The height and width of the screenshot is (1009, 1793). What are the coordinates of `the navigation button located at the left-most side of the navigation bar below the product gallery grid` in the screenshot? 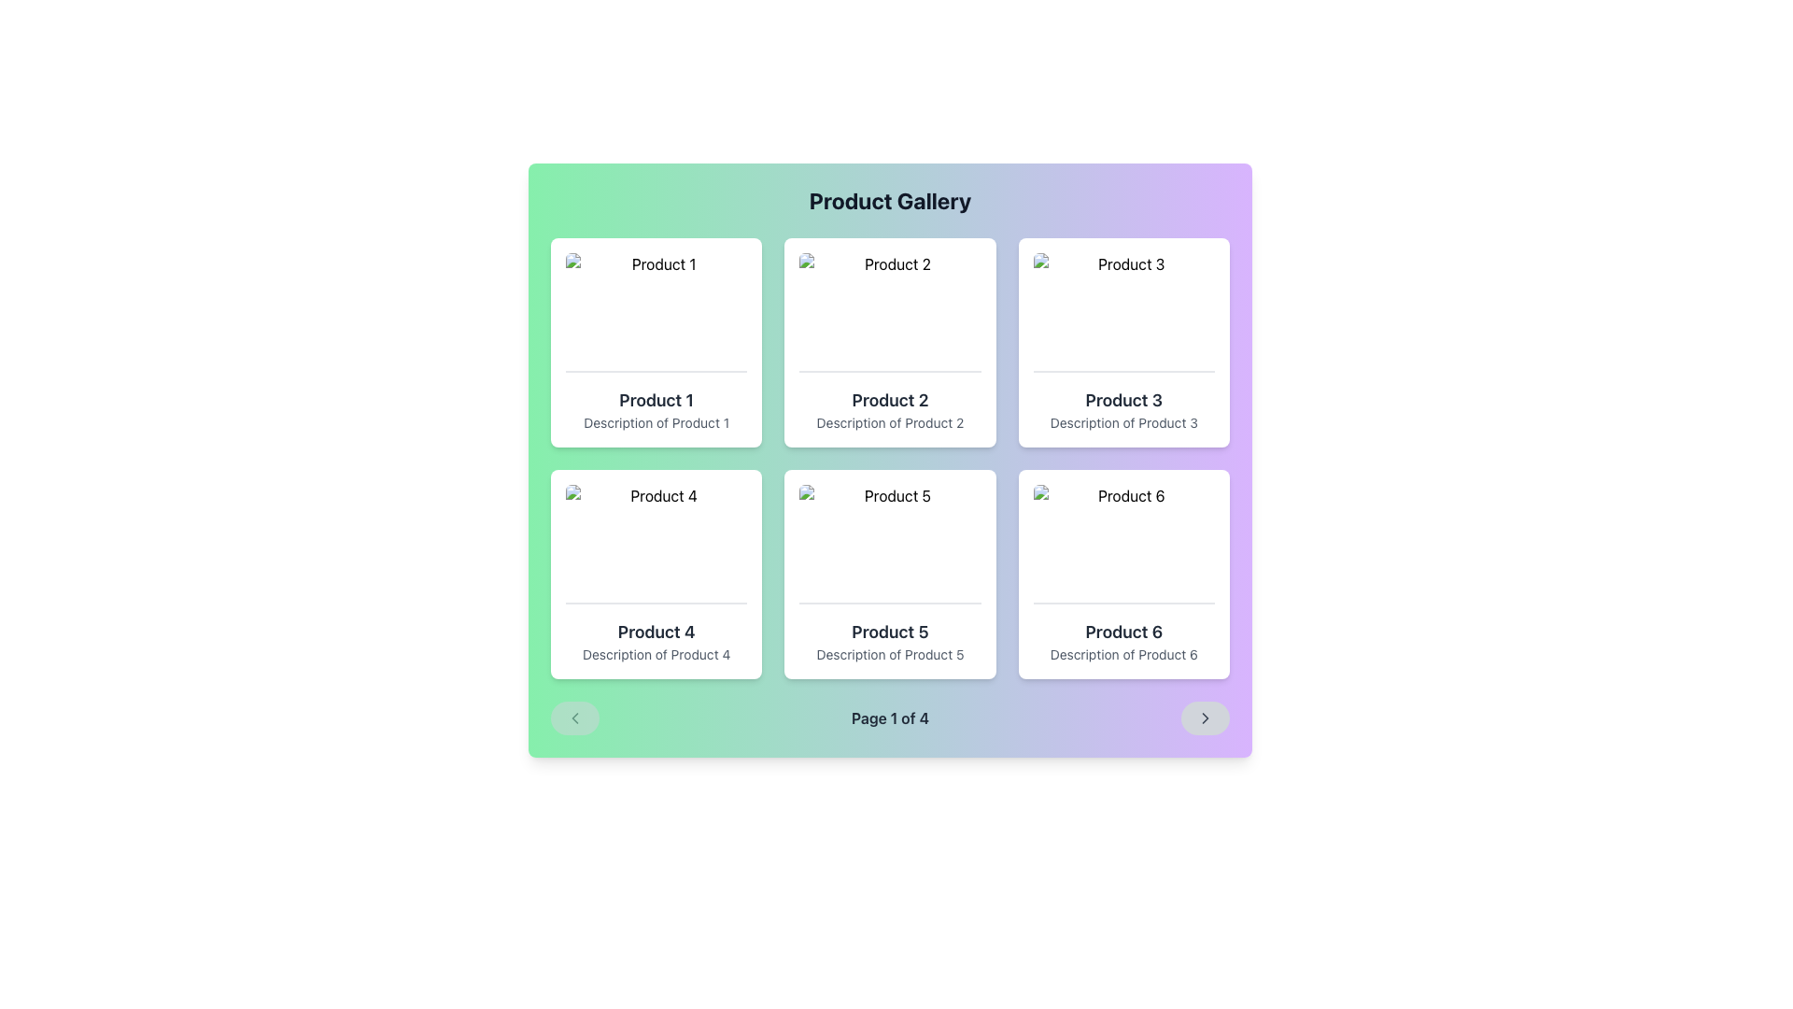 It's located at (573, 717).